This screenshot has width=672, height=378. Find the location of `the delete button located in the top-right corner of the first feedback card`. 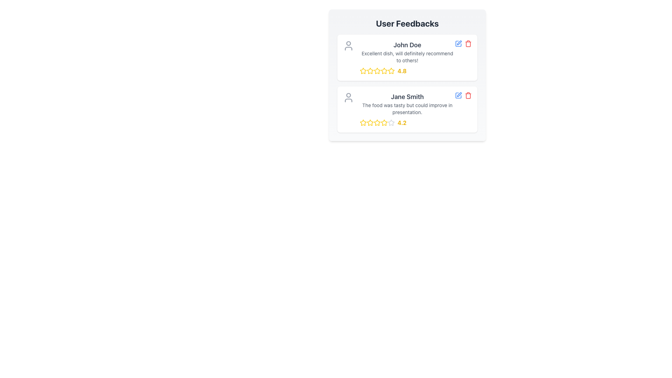

the delete button located in the top-right corner of the first feedback card is located at coordinates (468, 43).